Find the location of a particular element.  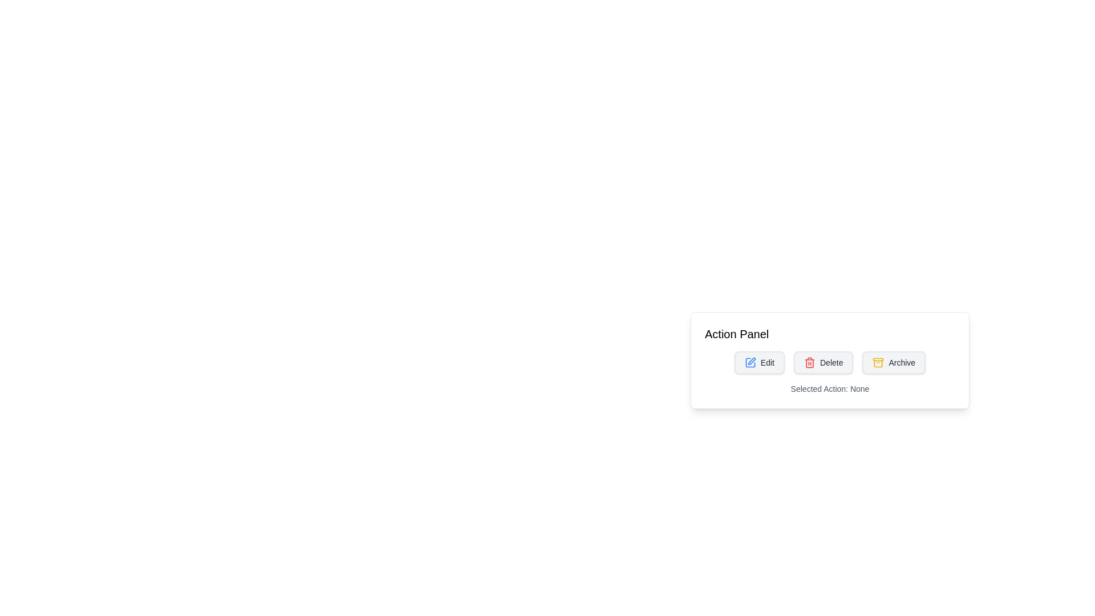

the blue square icon depicting a pen, located to the left of the 'Edit' text in the 'Action Panel' section is located at coordinates (750, 363).